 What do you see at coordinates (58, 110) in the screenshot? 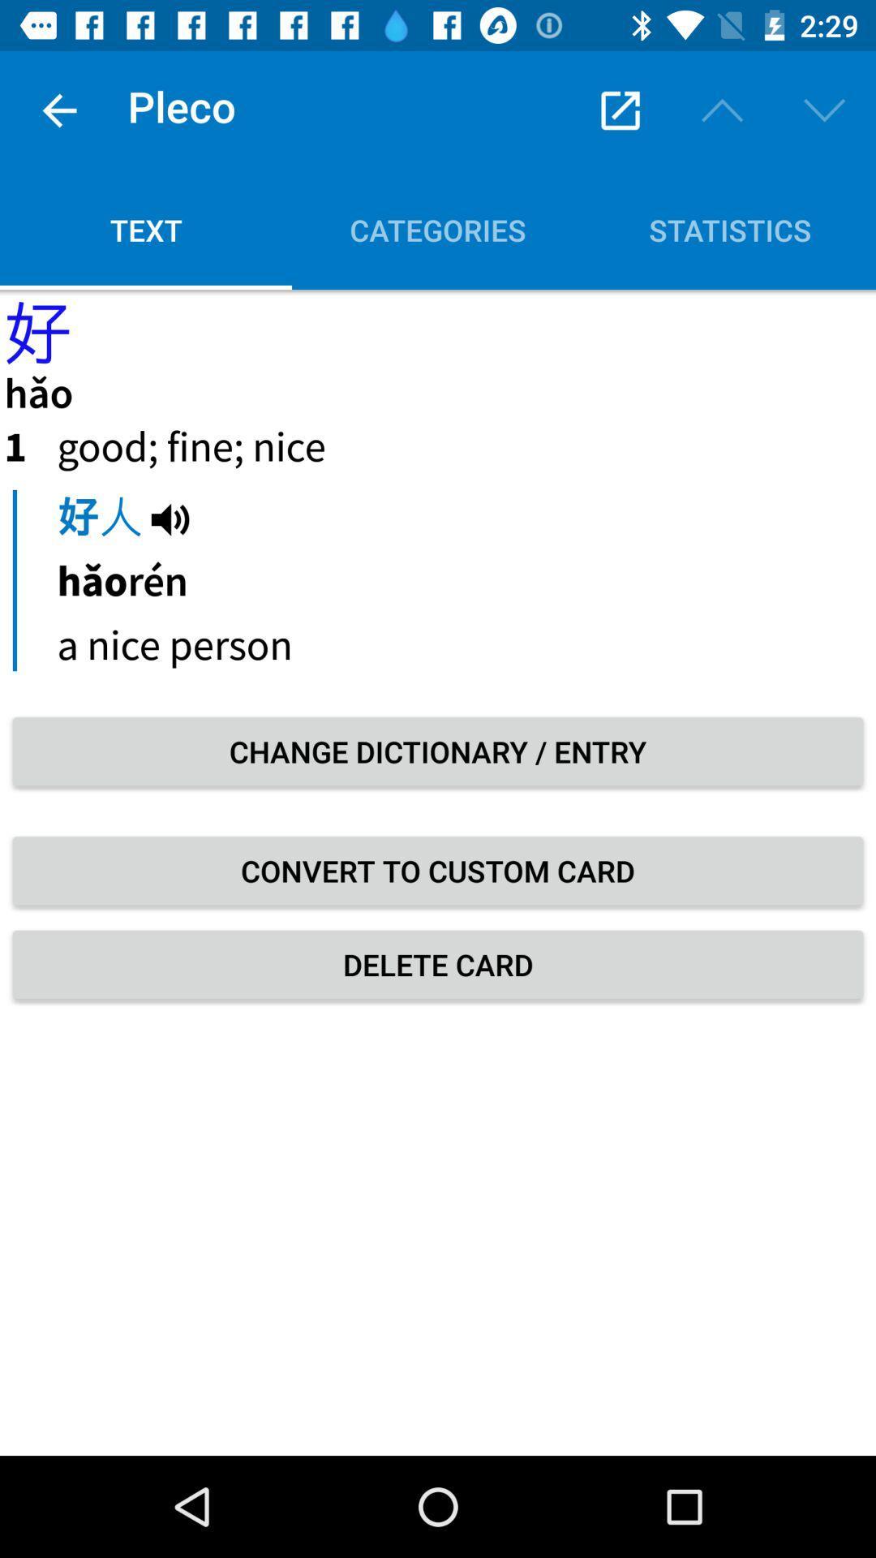
I see `item to the left of the pleco` at bounding box center [58, 110].